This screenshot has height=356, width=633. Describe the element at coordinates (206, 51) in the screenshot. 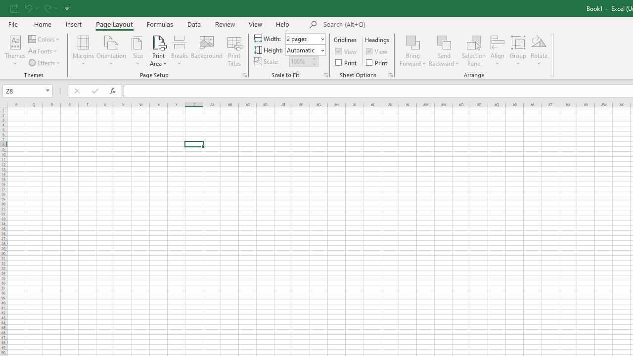

I see `'Background...'` at that location.